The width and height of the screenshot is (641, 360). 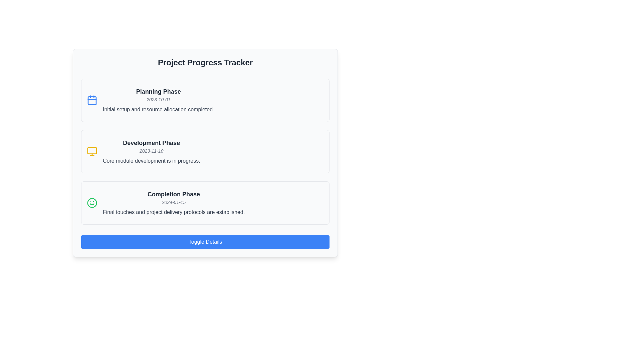 I want to click on the static icon representing a computer or technology theme located in the 'Development Phase' section, positioned before the text 'Development Phase', so click(x=91, y=152).